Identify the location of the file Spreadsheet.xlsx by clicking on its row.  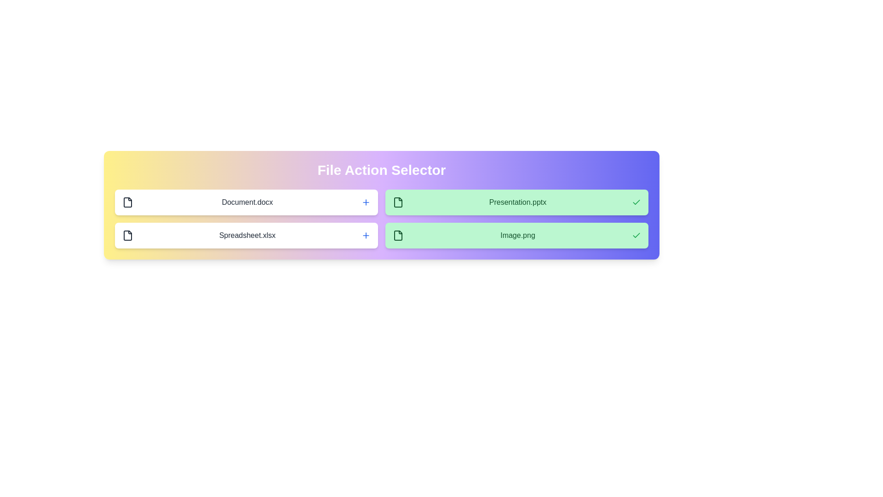
(247, 235).